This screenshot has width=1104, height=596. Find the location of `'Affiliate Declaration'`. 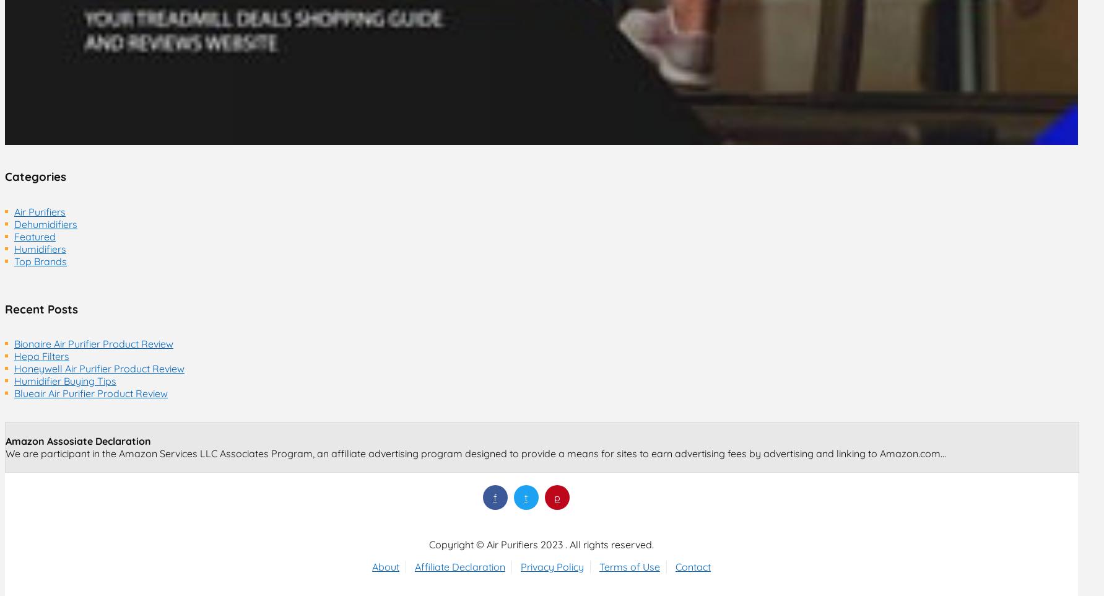

'Affiliate Declaration' is located at coordinates (459, 566).